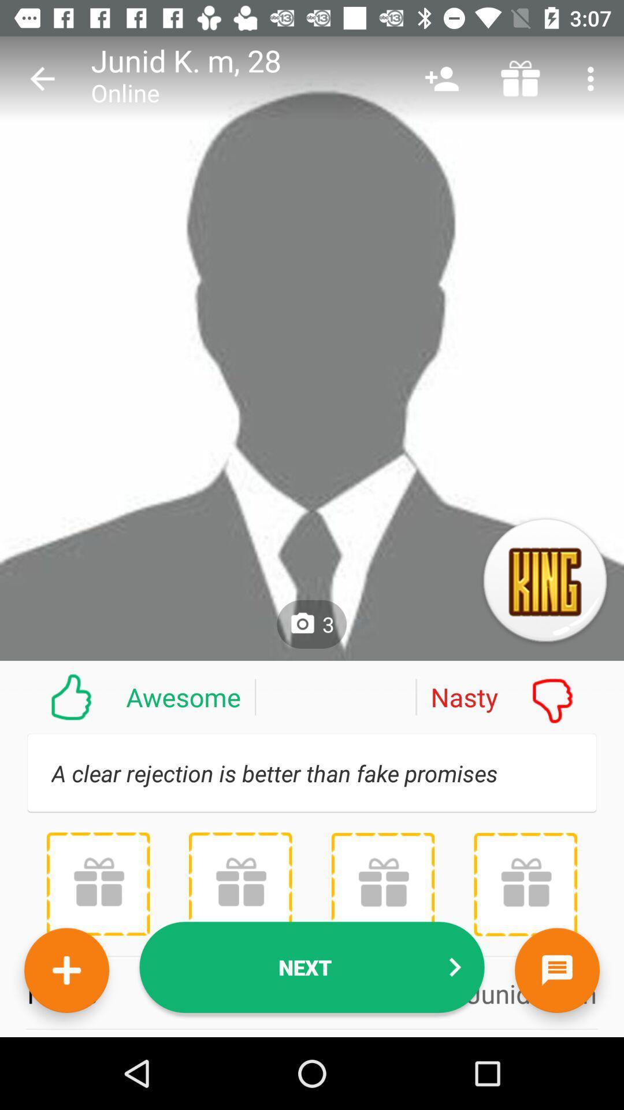 Image resolution: width=624 pixels, height=1110 pixels. I want to click on the item above awesome item, so click(42, 78).